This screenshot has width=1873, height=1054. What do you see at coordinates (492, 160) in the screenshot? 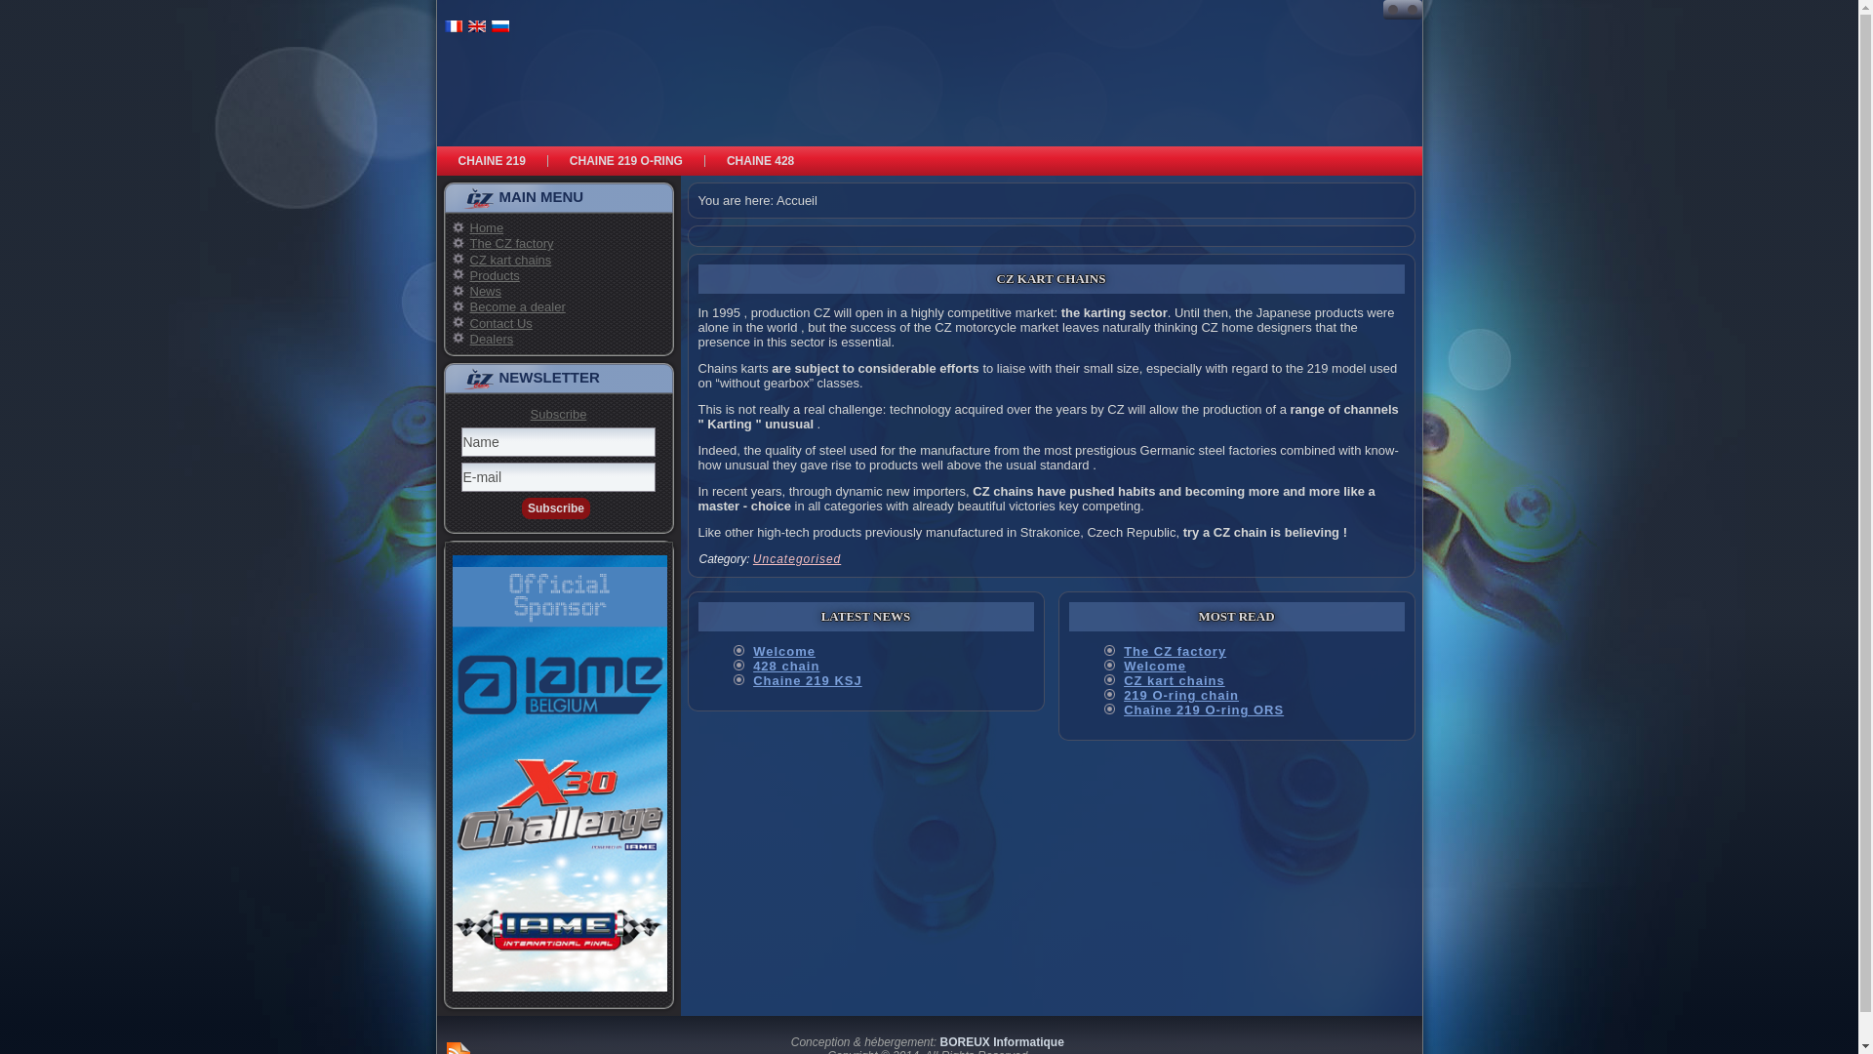
I see `'CHAINE 219'` at bounding box center [492, 160].